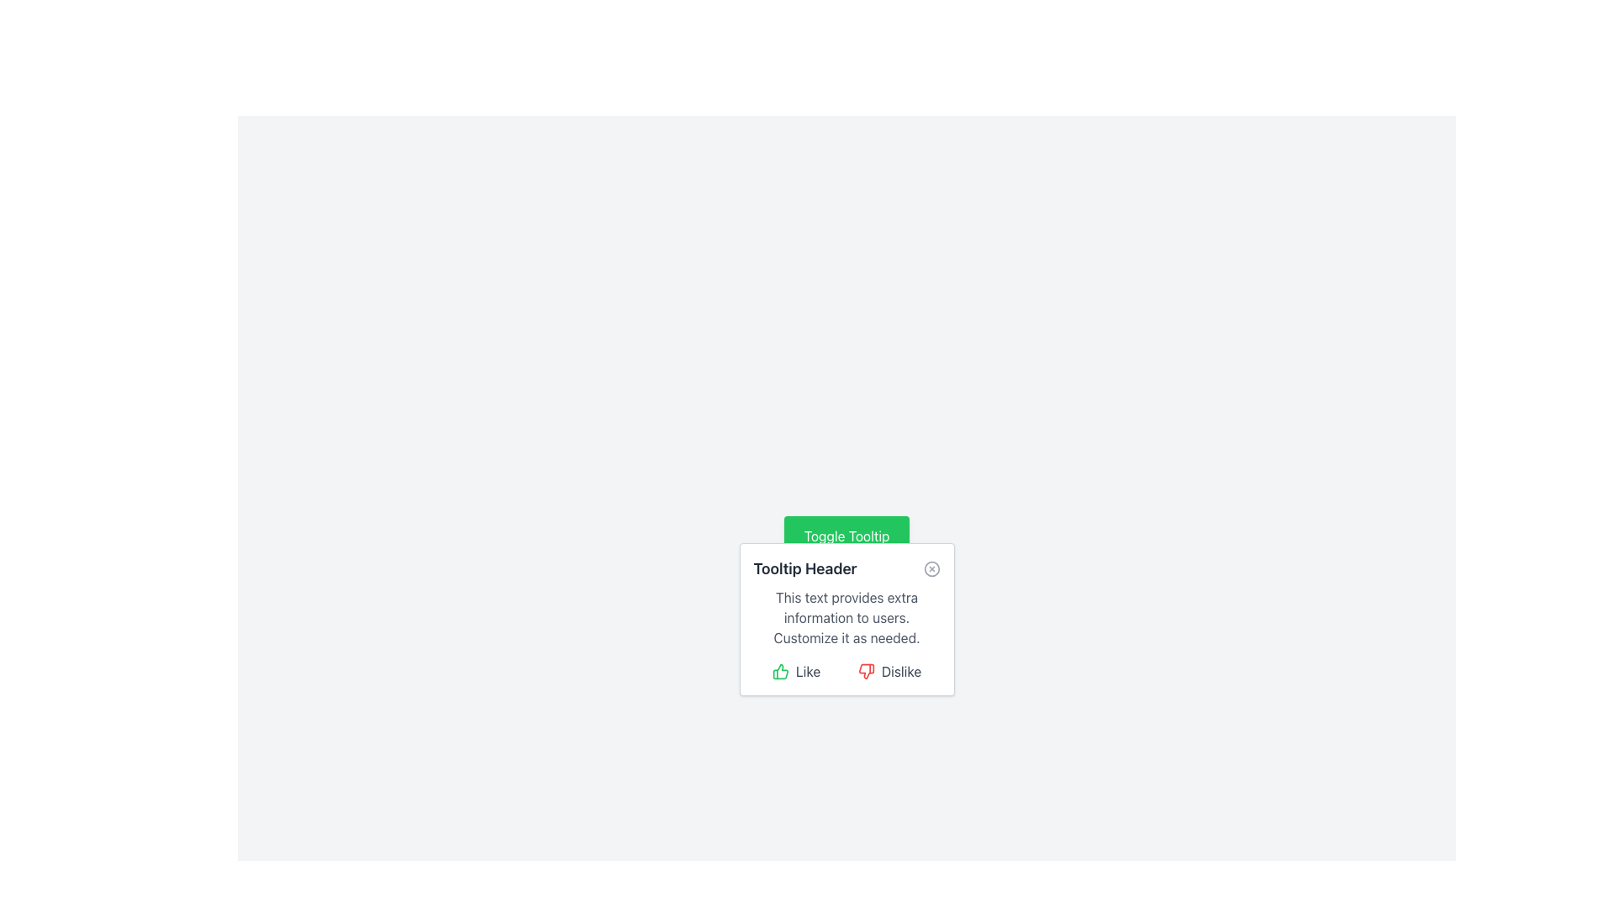 This screenshot has height=908, width=1614. Describe the element at coordinates (866, 670) in the screenshot. I see `the disapprove icon located at the bottom section of the tooltip, positioned next to the 'Dislike' label and opposite the 'Like' icon` at that location.